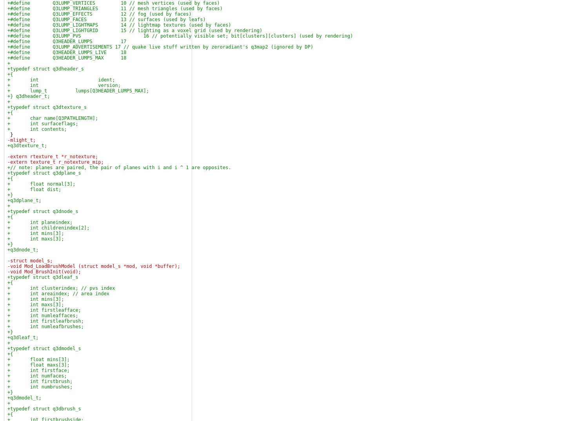  Describe the element at coordinates (93, 266) in the screenshot. I see `'-void Mod_LoadBrushModel (struct model_s *mod, void *buffer);'` at that location.